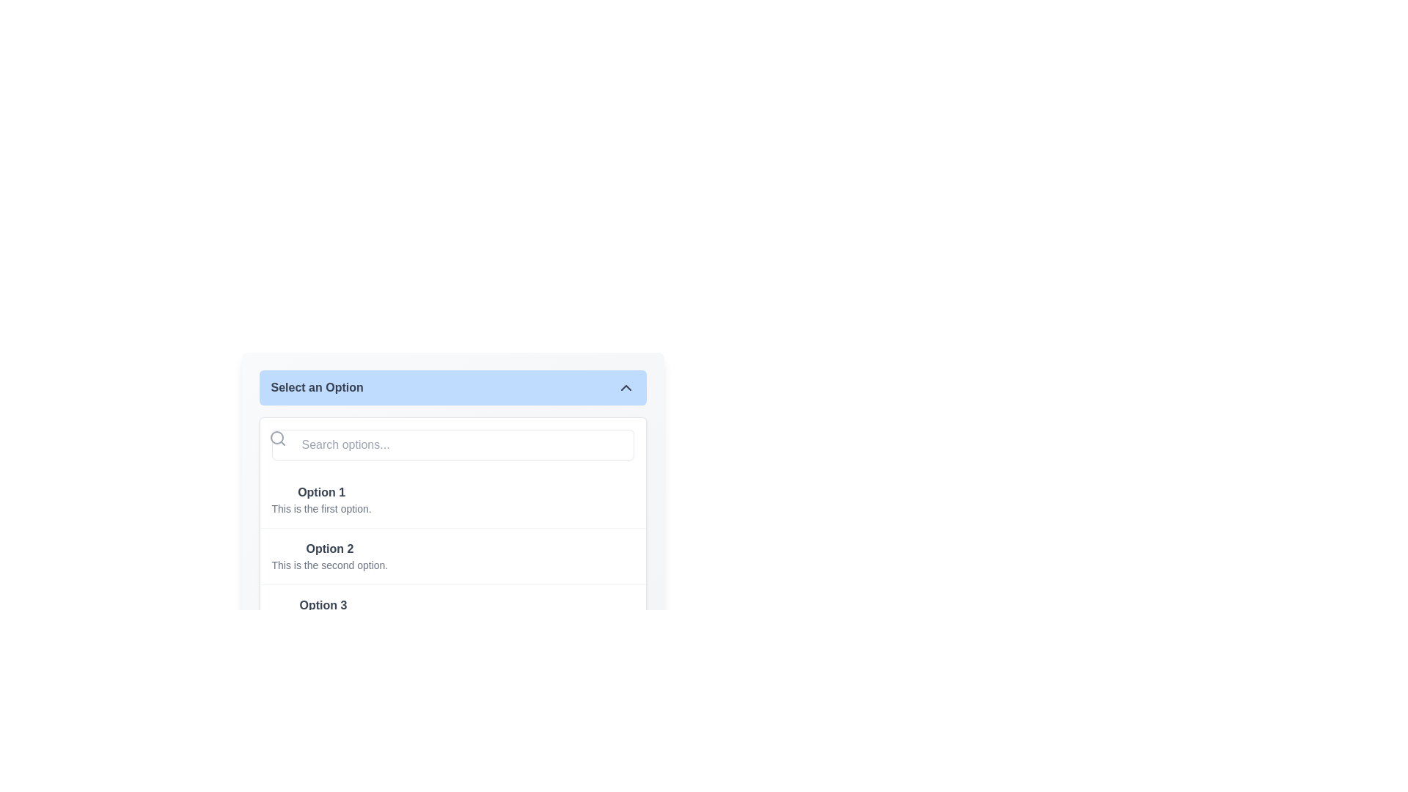 The image size is (1408, 792). Describe the element at coordinates (329, 549) in the screenshot. I see `the static text displaying 'Option 2' in bold, dark gray font, positioned above a smaller descriptive text that reads 'This is the second option.'` at that location.